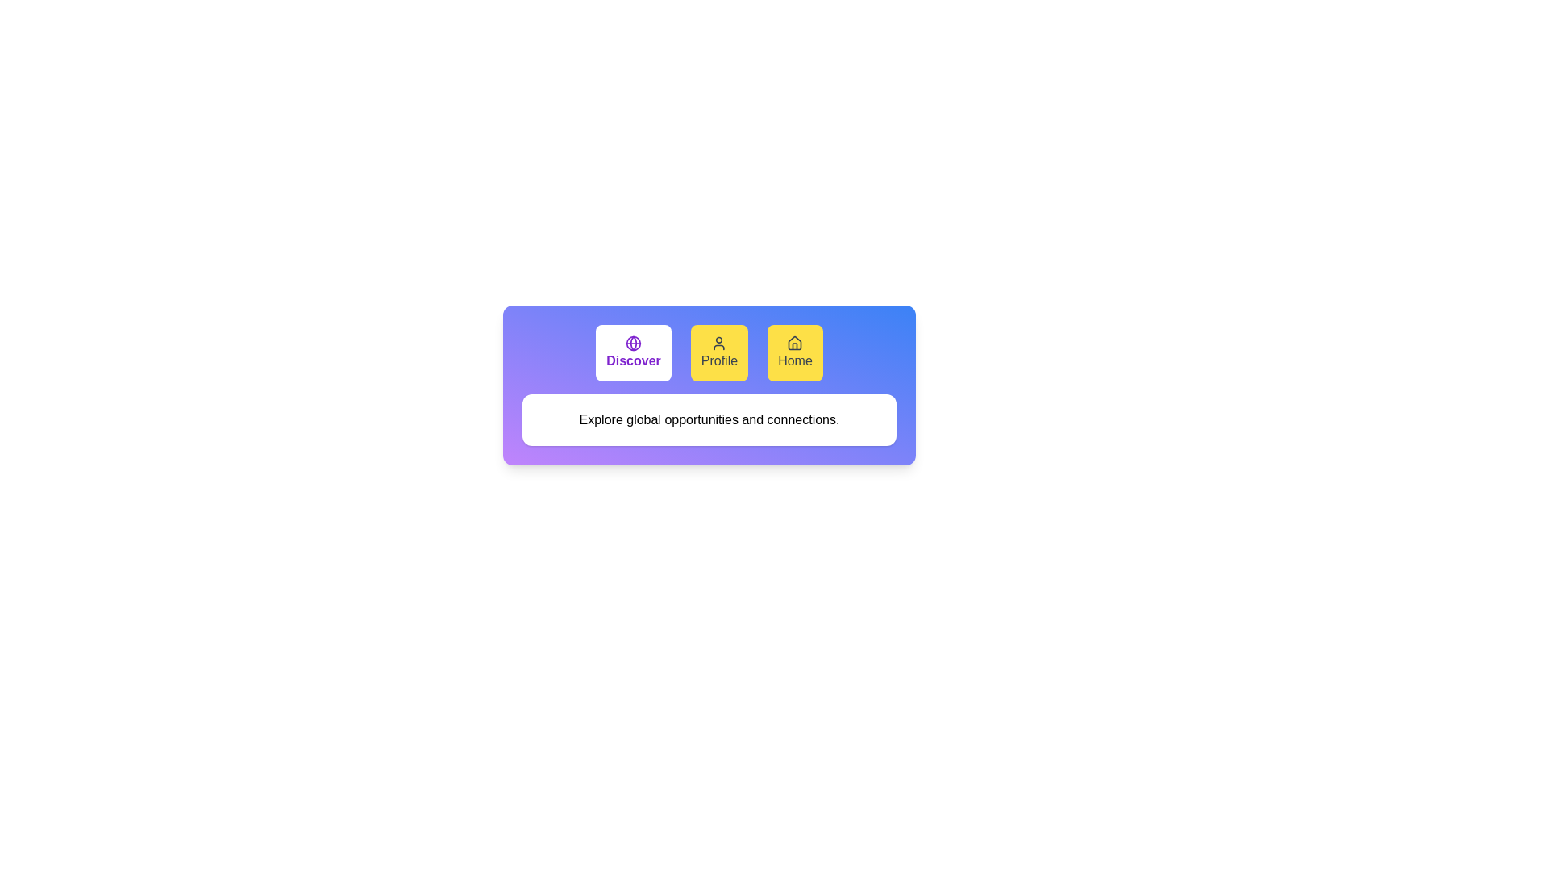  What do you see at coordinates (709, 419) in the screenshot?
I see `the informational Text Block located centrally below the buttons labeled 'Discover', 'Profile', and 'Home', which provides context for global opportunities and connections` at bounding box center [709, 419].